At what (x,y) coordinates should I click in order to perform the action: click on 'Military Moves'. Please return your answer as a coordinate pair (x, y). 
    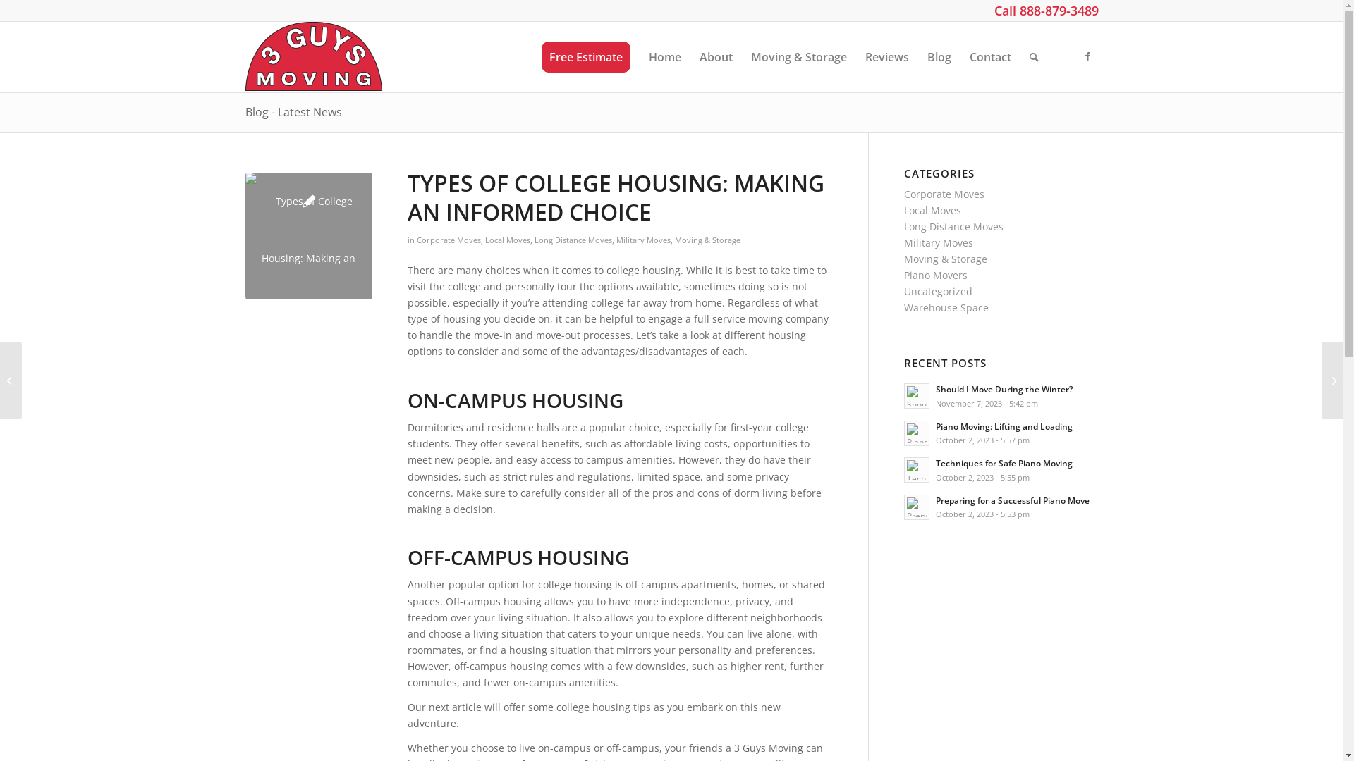
    Looking at the image, I should click on (616, 239).